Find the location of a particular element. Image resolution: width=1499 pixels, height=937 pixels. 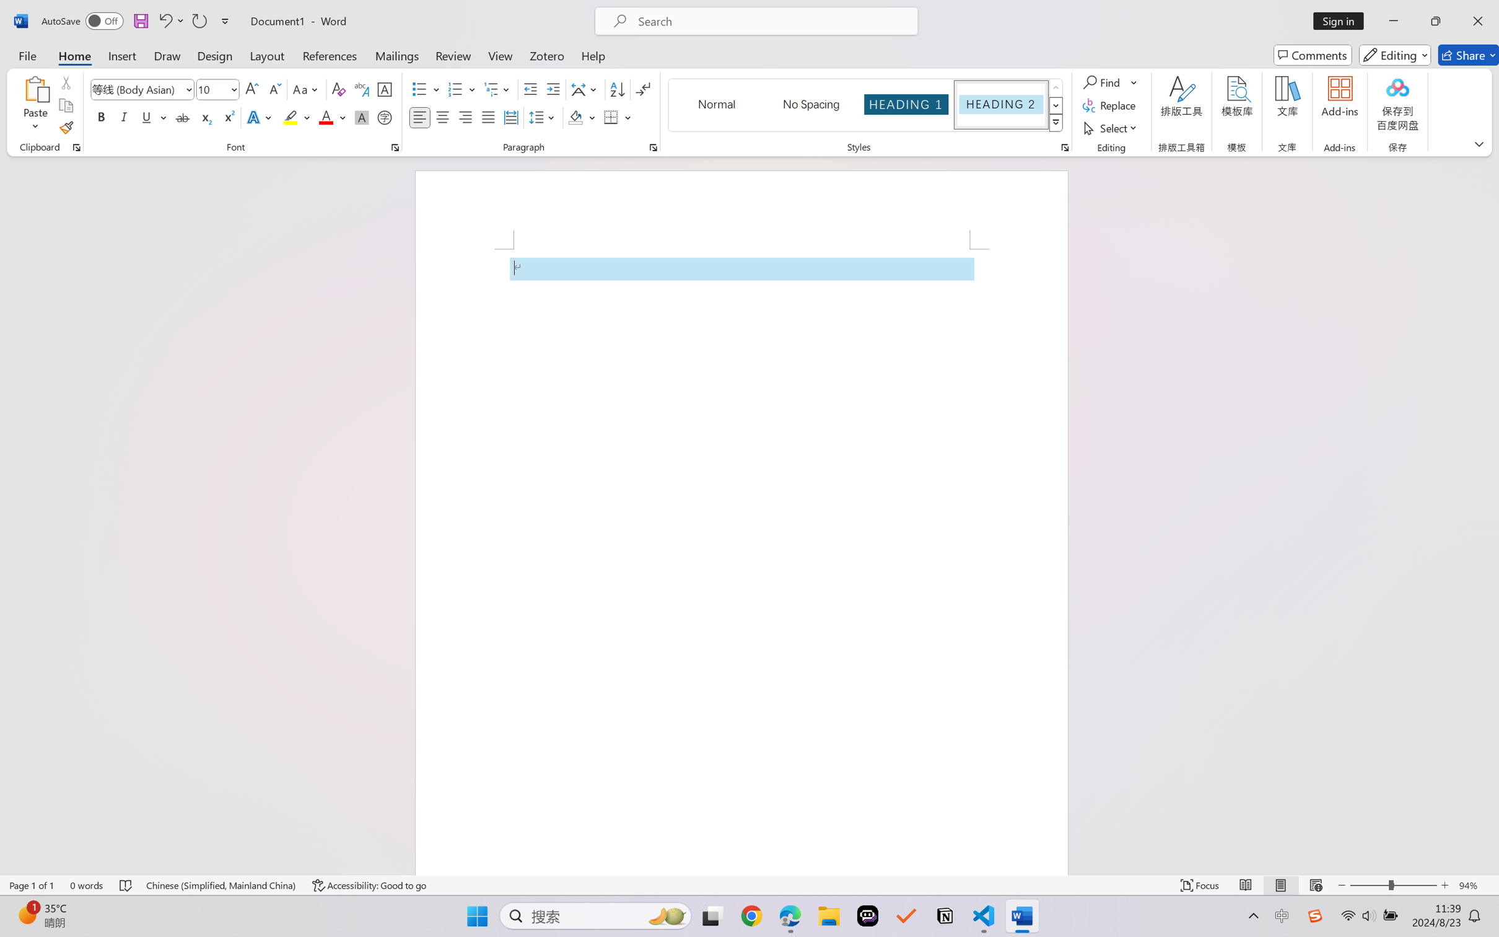

'Undo Apply Quick Style' is located at coordinates (164, 20).